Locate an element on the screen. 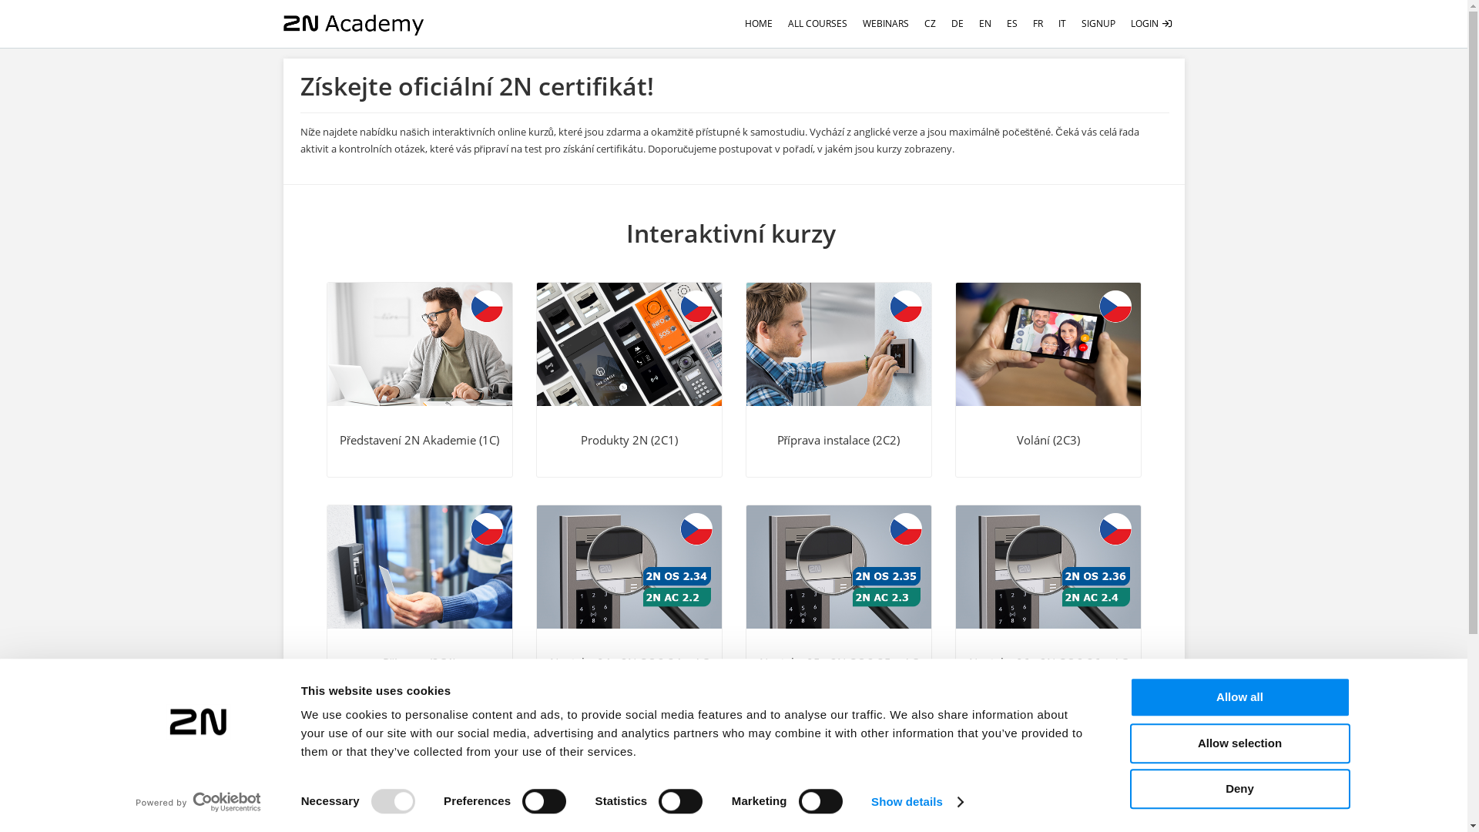 The image size is (1479, 832). 'ALL COURSES' is located at coordinates (817, 23).